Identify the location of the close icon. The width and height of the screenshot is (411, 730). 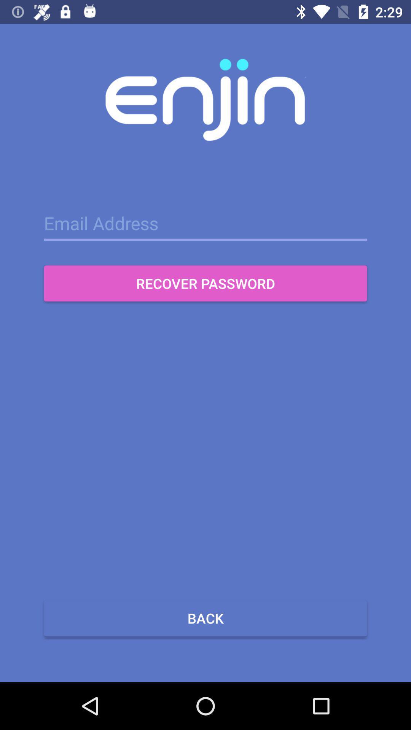
(205, 638).